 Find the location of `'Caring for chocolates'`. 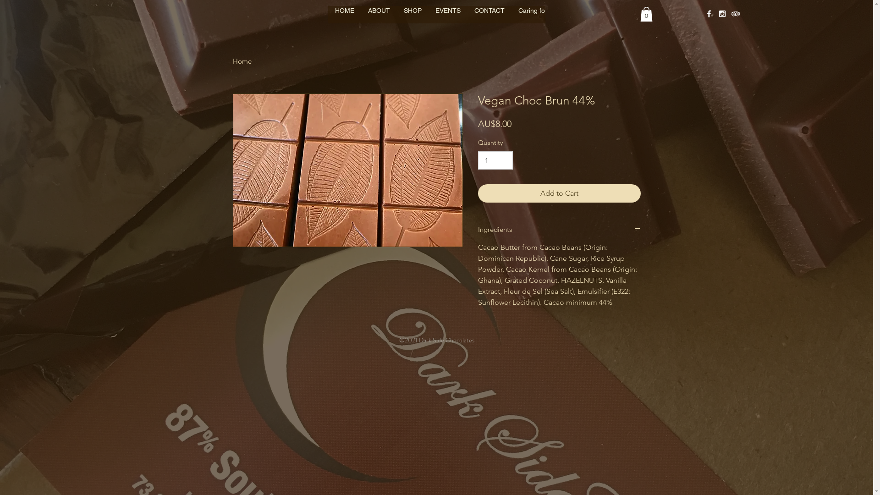

'Caring for chocolates' is located at coordinates (549, 17).